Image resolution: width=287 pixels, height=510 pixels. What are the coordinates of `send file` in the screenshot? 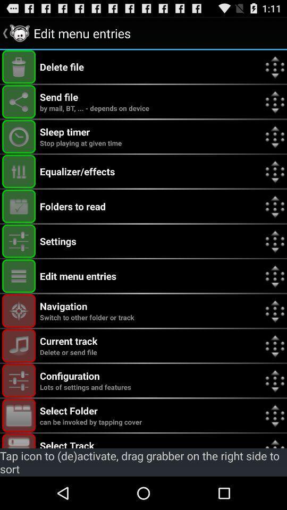 It's located at (19, 101).